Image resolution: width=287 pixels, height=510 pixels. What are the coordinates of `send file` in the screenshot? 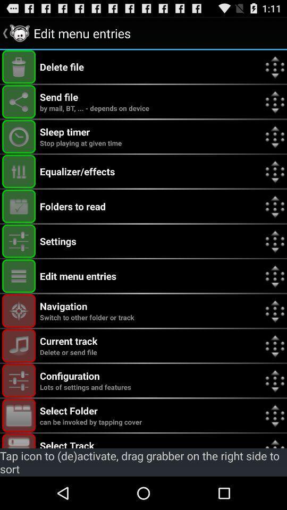 It's located at (19, 101).